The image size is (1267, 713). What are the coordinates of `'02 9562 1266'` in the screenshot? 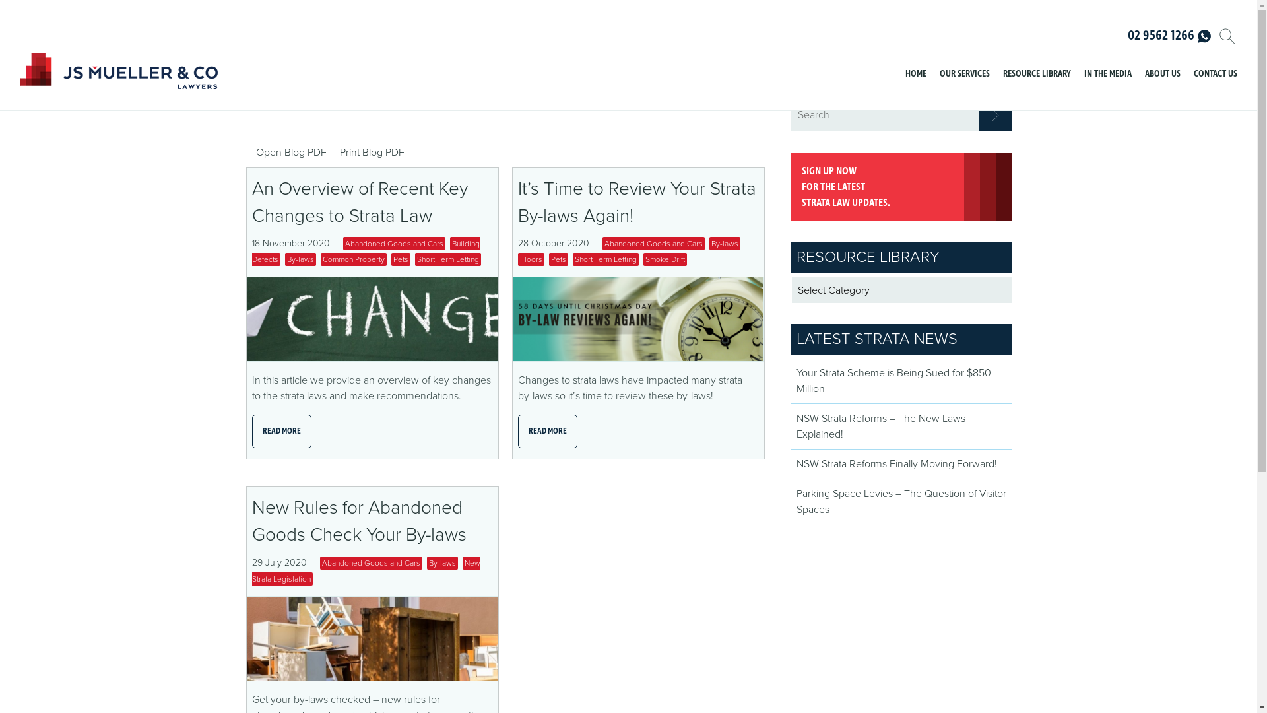 It's located at (1126, 35).